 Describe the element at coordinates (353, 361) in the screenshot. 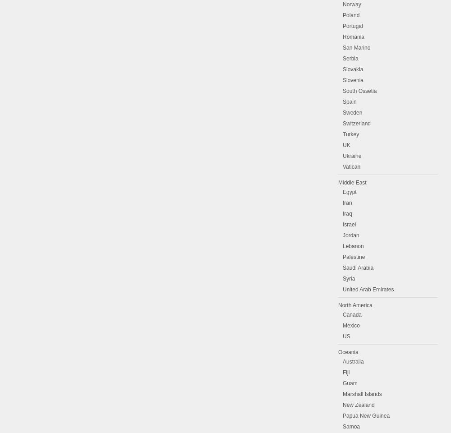

I see `'Australia'` at that location.